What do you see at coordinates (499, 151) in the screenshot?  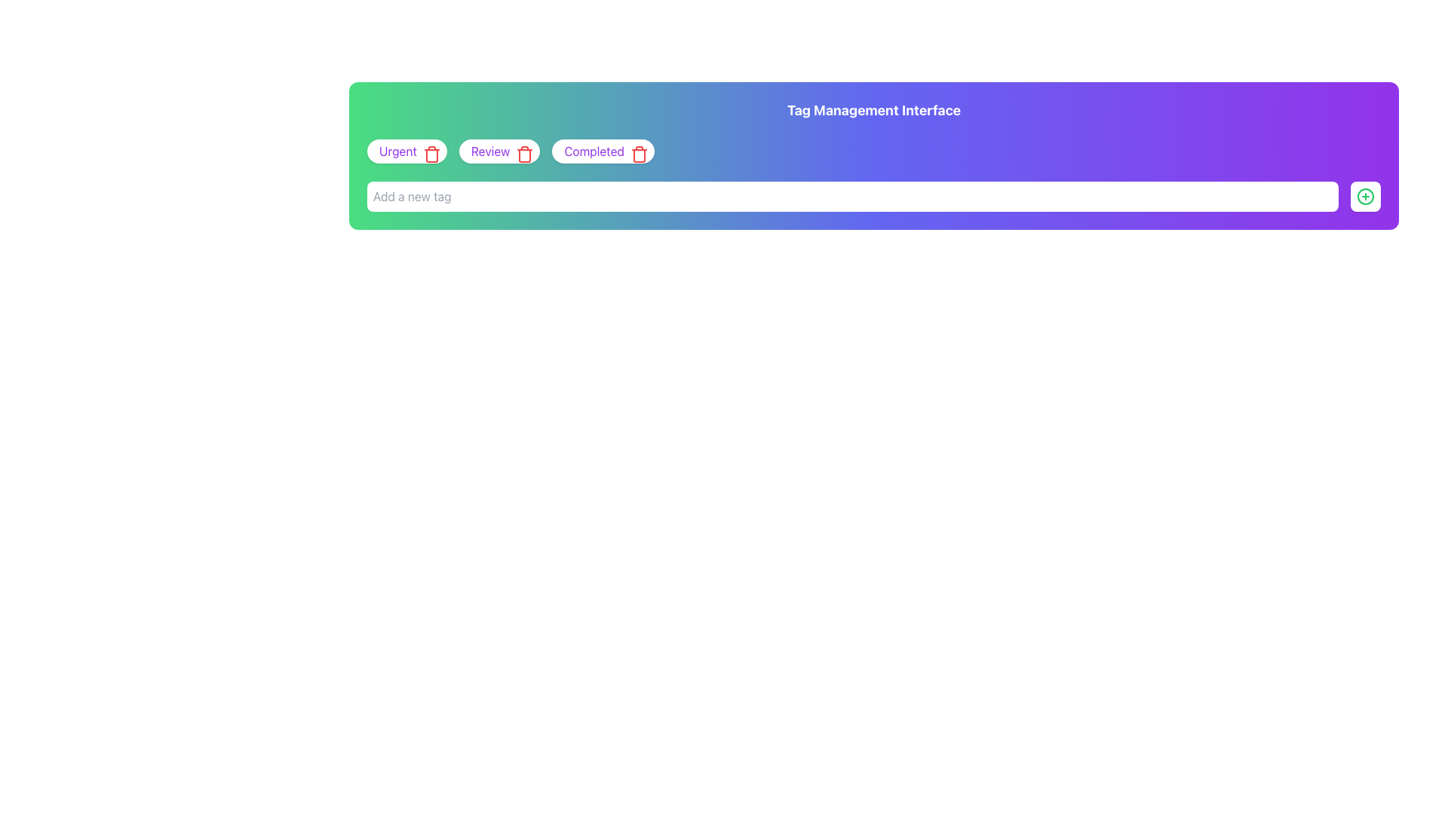 I see `the 'Review' button element, which is the second button in a horizontal list of category selectors, to potentially trigger hover effects or tooltips` at bounding box center [499, 151].